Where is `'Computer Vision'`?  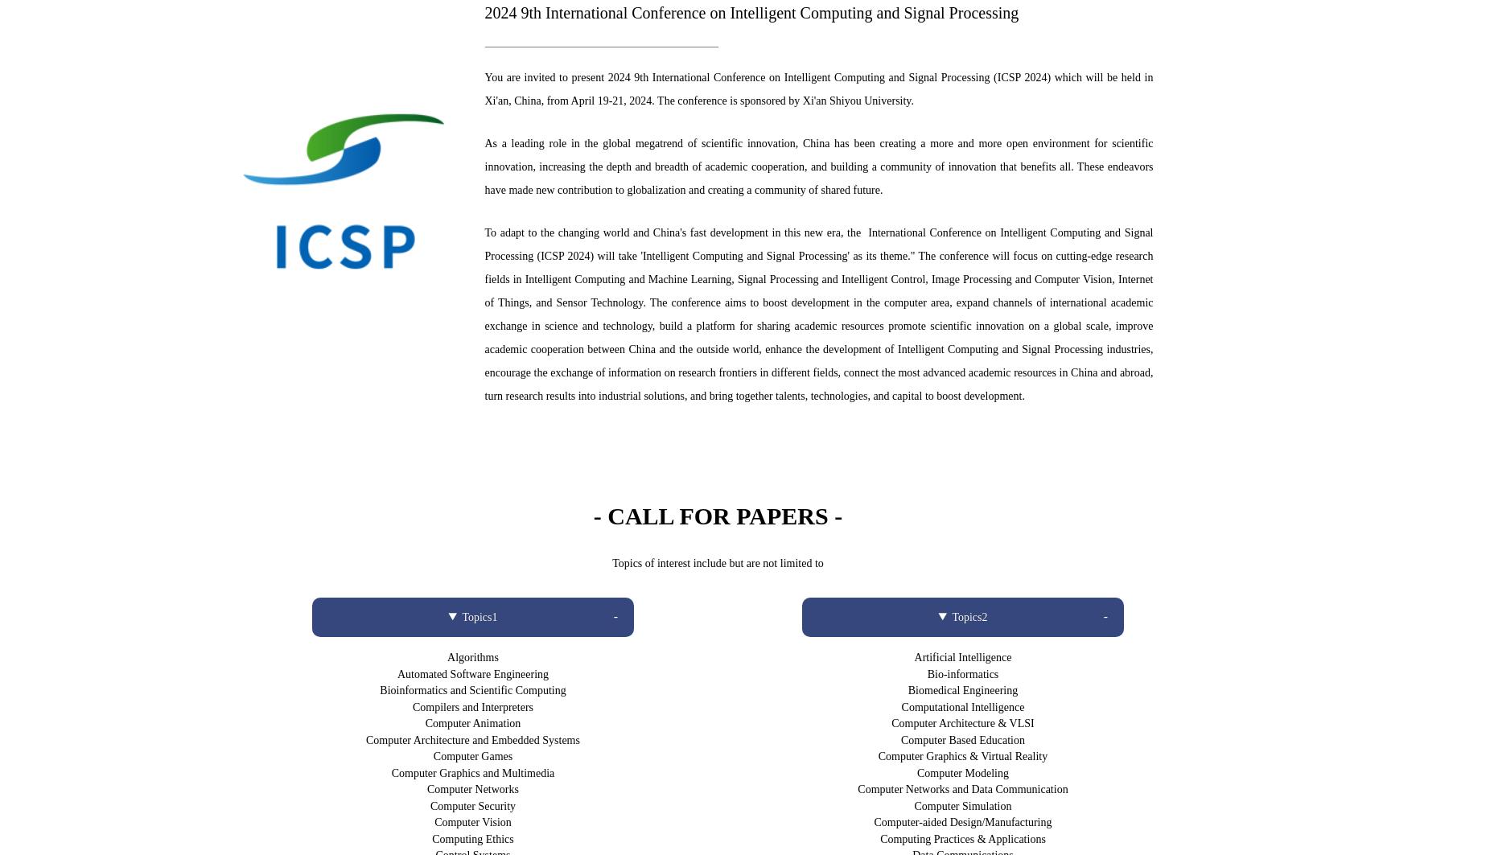
'Computer Vision' is located at coordinates (471, 821).